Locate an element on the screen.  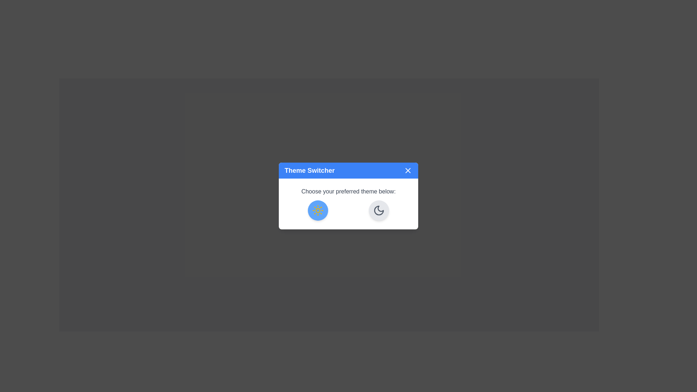
the text label that instructs the user to select a preferred theme, positioned at the top of the dialog box above the theme selection buttons is located at coordinates (348, 191).